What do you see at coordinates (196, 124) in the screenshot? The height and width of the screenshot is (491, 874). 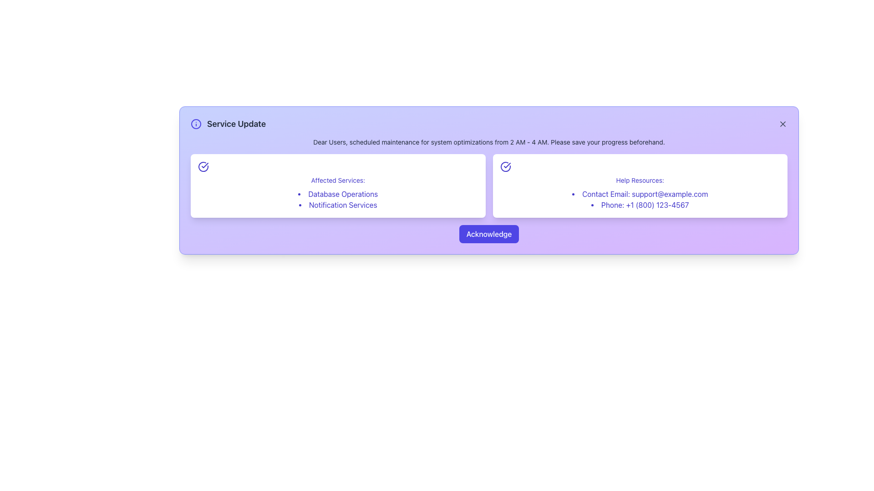 I see `the informational icon located at the leftmost side of the header section of the dialog modal, which emphasizes the 'Service Update' message` at bounding box center [196, 124].